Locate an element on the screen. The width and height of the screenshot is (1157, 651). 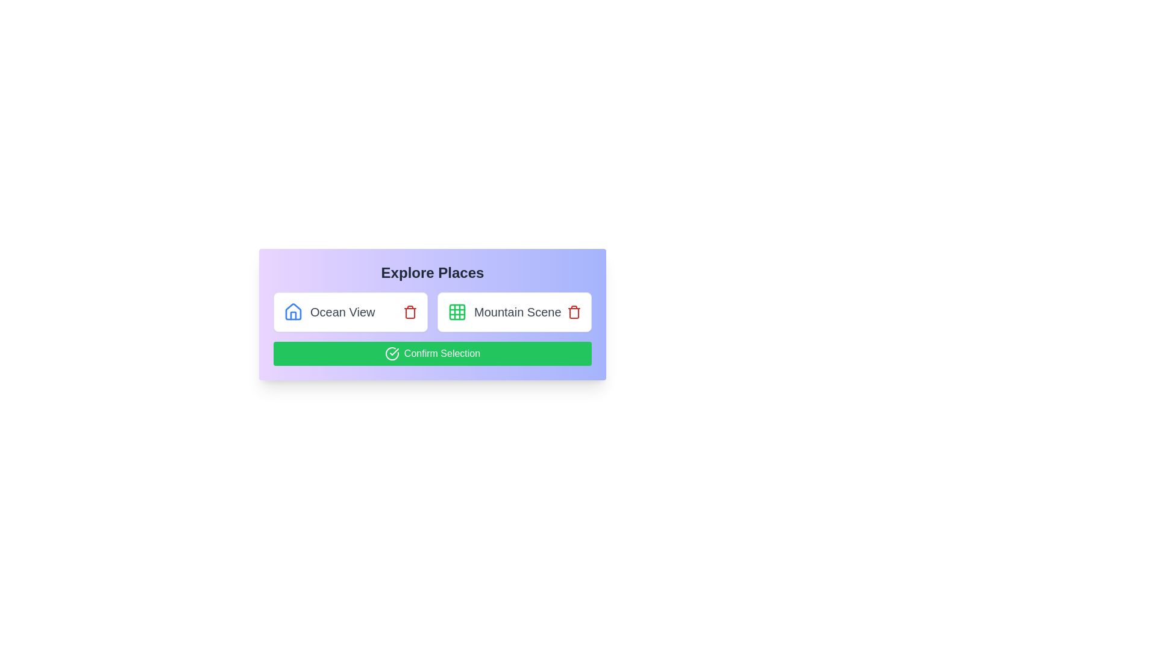
the trash bin icon, which visually represents a delete or remove action in the user interface is located at coordinates (574, 313).